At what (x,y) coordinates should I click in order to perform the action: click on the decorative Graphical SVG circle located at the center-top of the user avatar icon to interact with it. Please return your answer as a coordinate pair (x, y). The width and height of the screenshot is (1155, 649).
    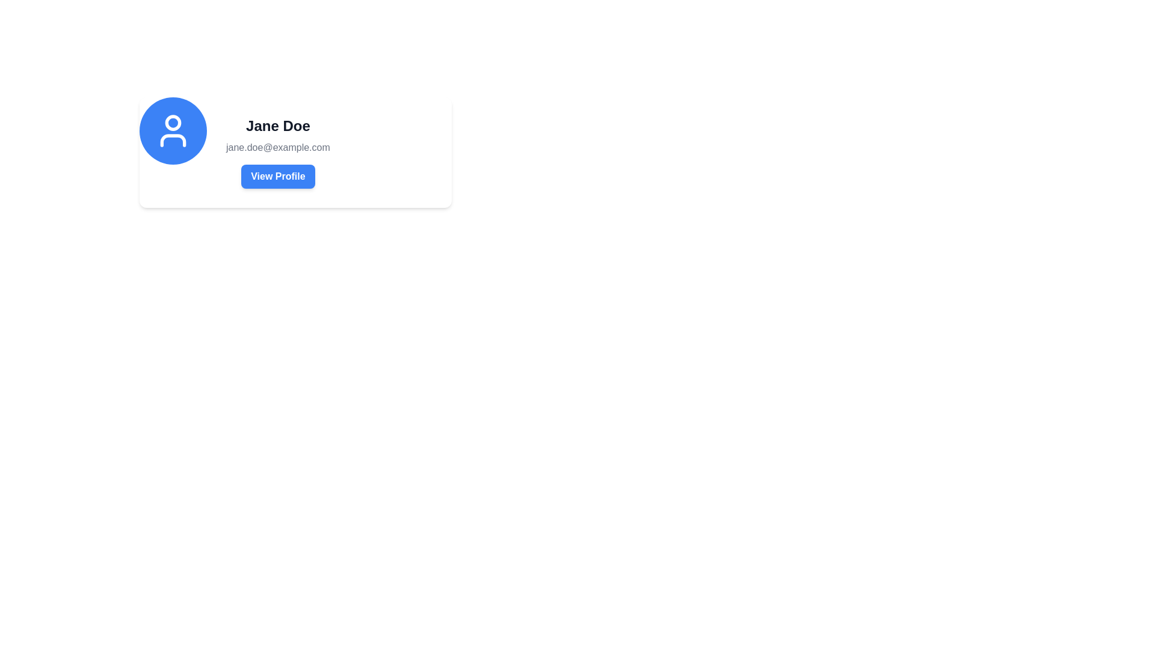
    Looking at the image, I should click on (173, 123).